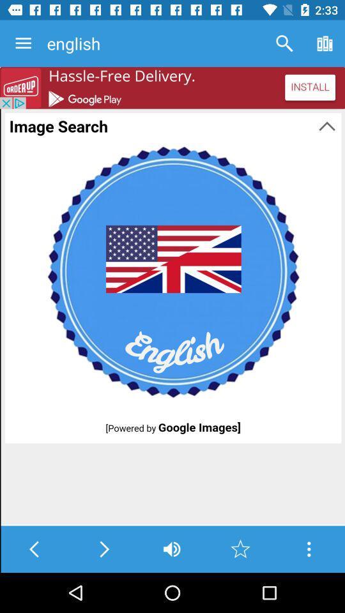 The height and width of the screenshot is (613, 345). What do you see at coordinates (240, 549) in the screenshot?
I see `rating star` at bounding box center [240, 549].